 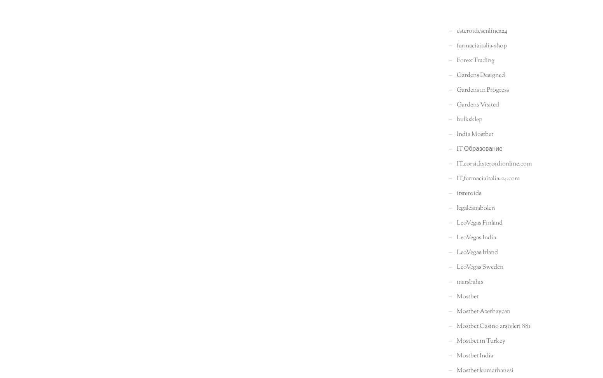 What do you see at coordinates (475, 207) in the screenshot?
I see `'legaleanabolen'` at bounding box center [475, 207].